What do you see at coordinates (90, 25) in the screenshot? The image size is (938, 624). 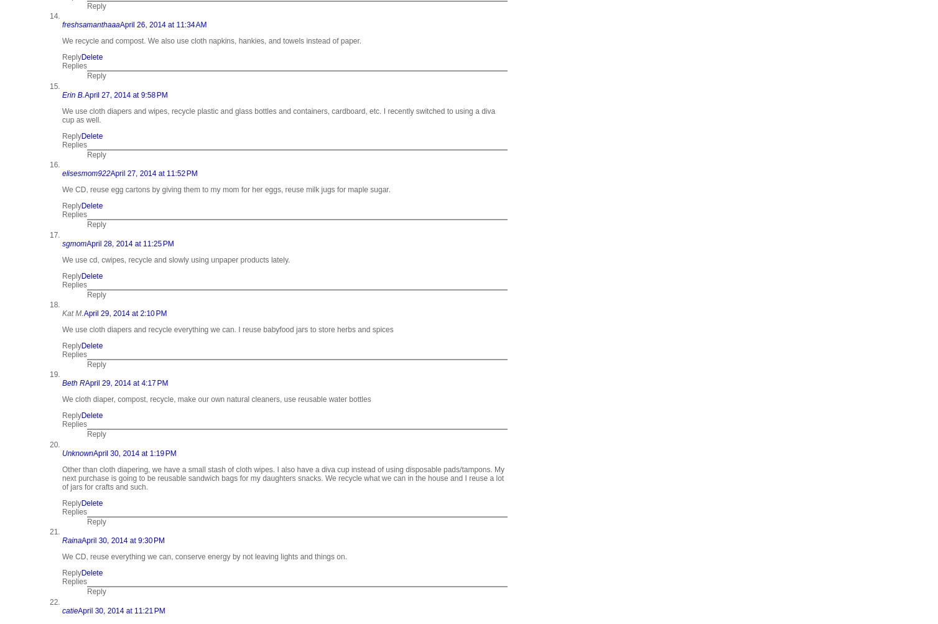 I see `'freshsamanthaaa'` at bounding box center [90, 25].